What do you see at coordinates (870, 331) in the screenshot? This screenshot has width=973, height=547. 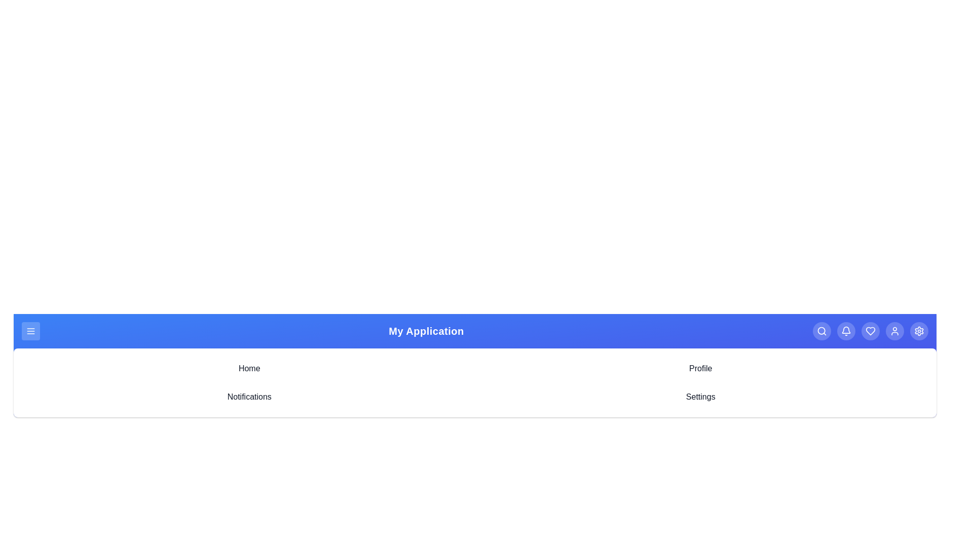 I see `the heart icon to access favorites` at bounding box center [870, 331].